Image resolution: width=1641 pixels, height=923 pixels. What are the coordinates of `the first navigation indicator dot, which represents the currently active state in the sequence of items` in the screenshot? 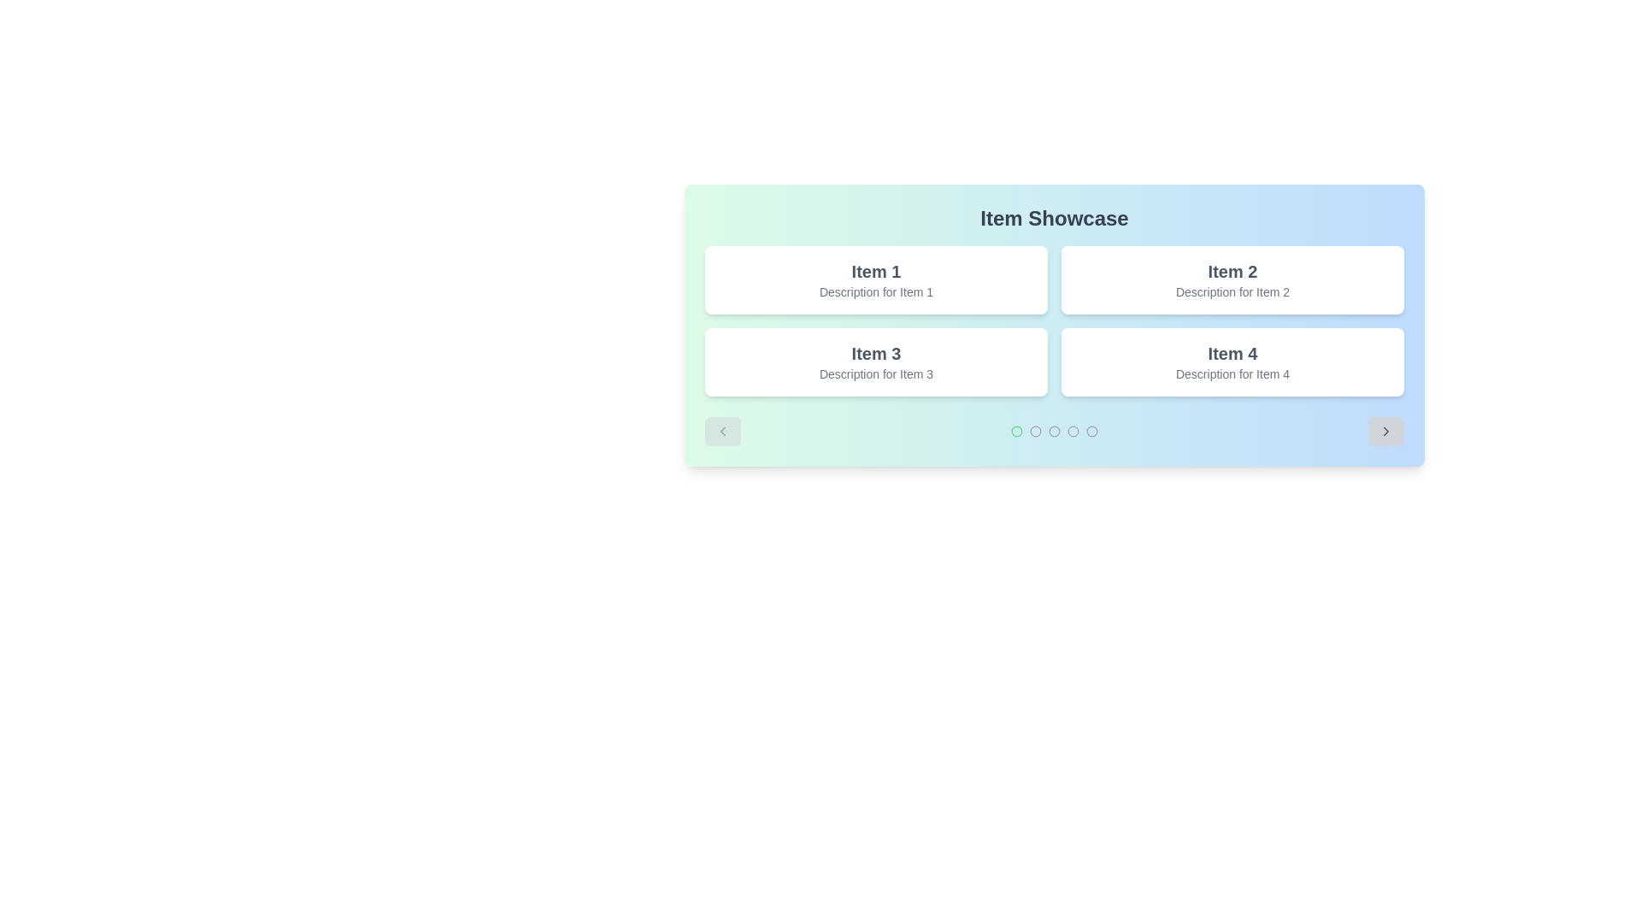 It's located at (1017, 431).